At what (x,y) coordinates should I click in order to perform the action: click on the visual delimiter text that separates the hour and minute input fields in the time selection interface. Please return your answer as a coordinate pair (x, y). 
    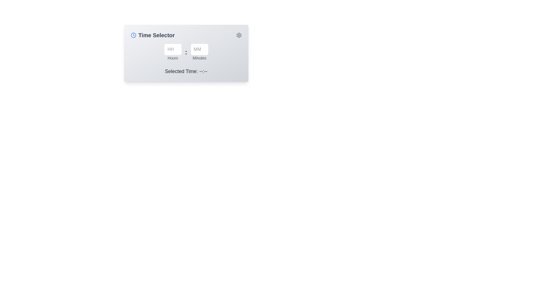
    Looking at the image, I should click on (186, 52).